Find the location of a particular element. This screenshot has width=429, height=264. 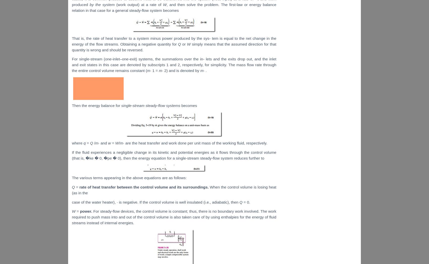

'q' is located at coordinates (85, 143).